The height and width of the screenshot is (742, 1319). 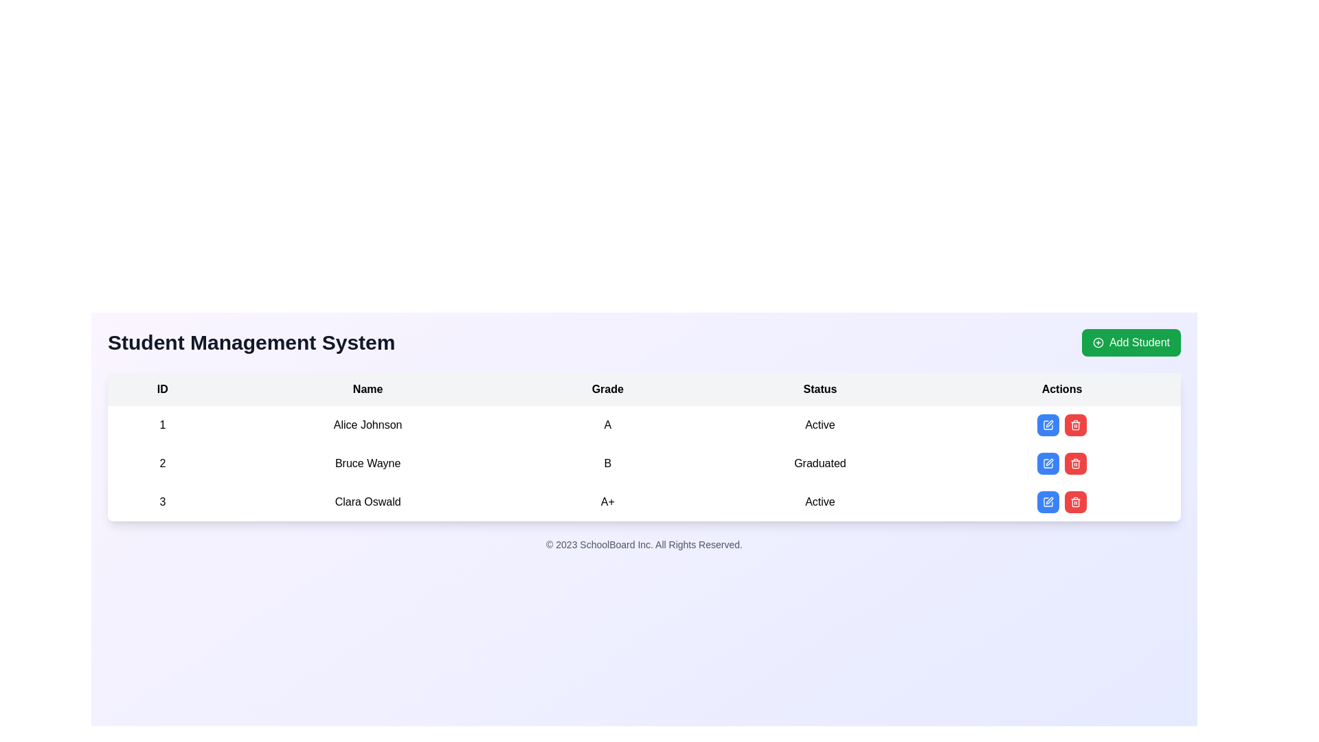 I want to click on the edit icon (pen icon) located in the 'Actions' column next to the delete button for the second entry in the table, so click(x=1048, y=462).